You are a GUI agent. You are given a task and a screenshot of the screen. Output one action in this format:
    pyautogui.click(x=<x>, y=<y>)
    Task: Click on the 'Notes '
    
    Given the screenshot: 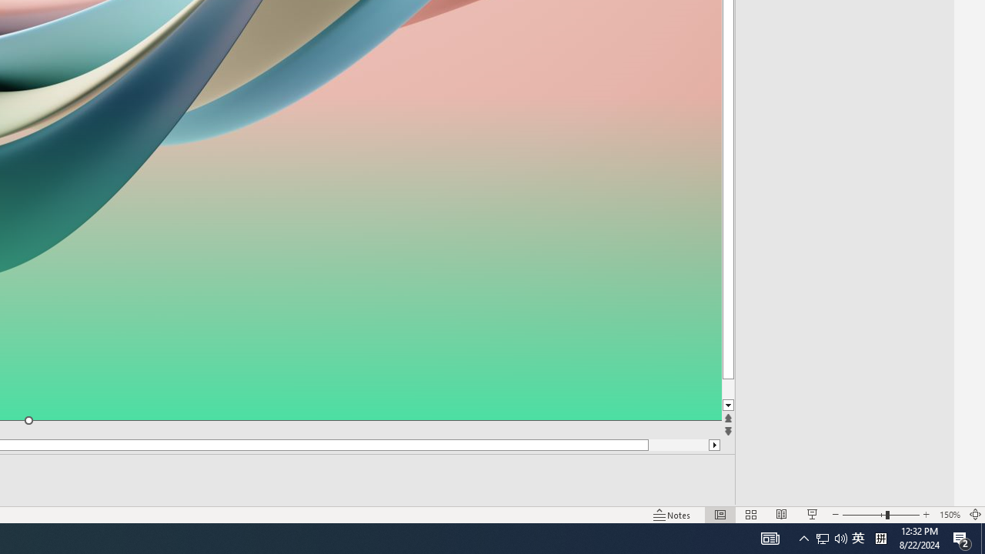 What is the action you would take?
    pyautogui.click(x=673, y=515)
    